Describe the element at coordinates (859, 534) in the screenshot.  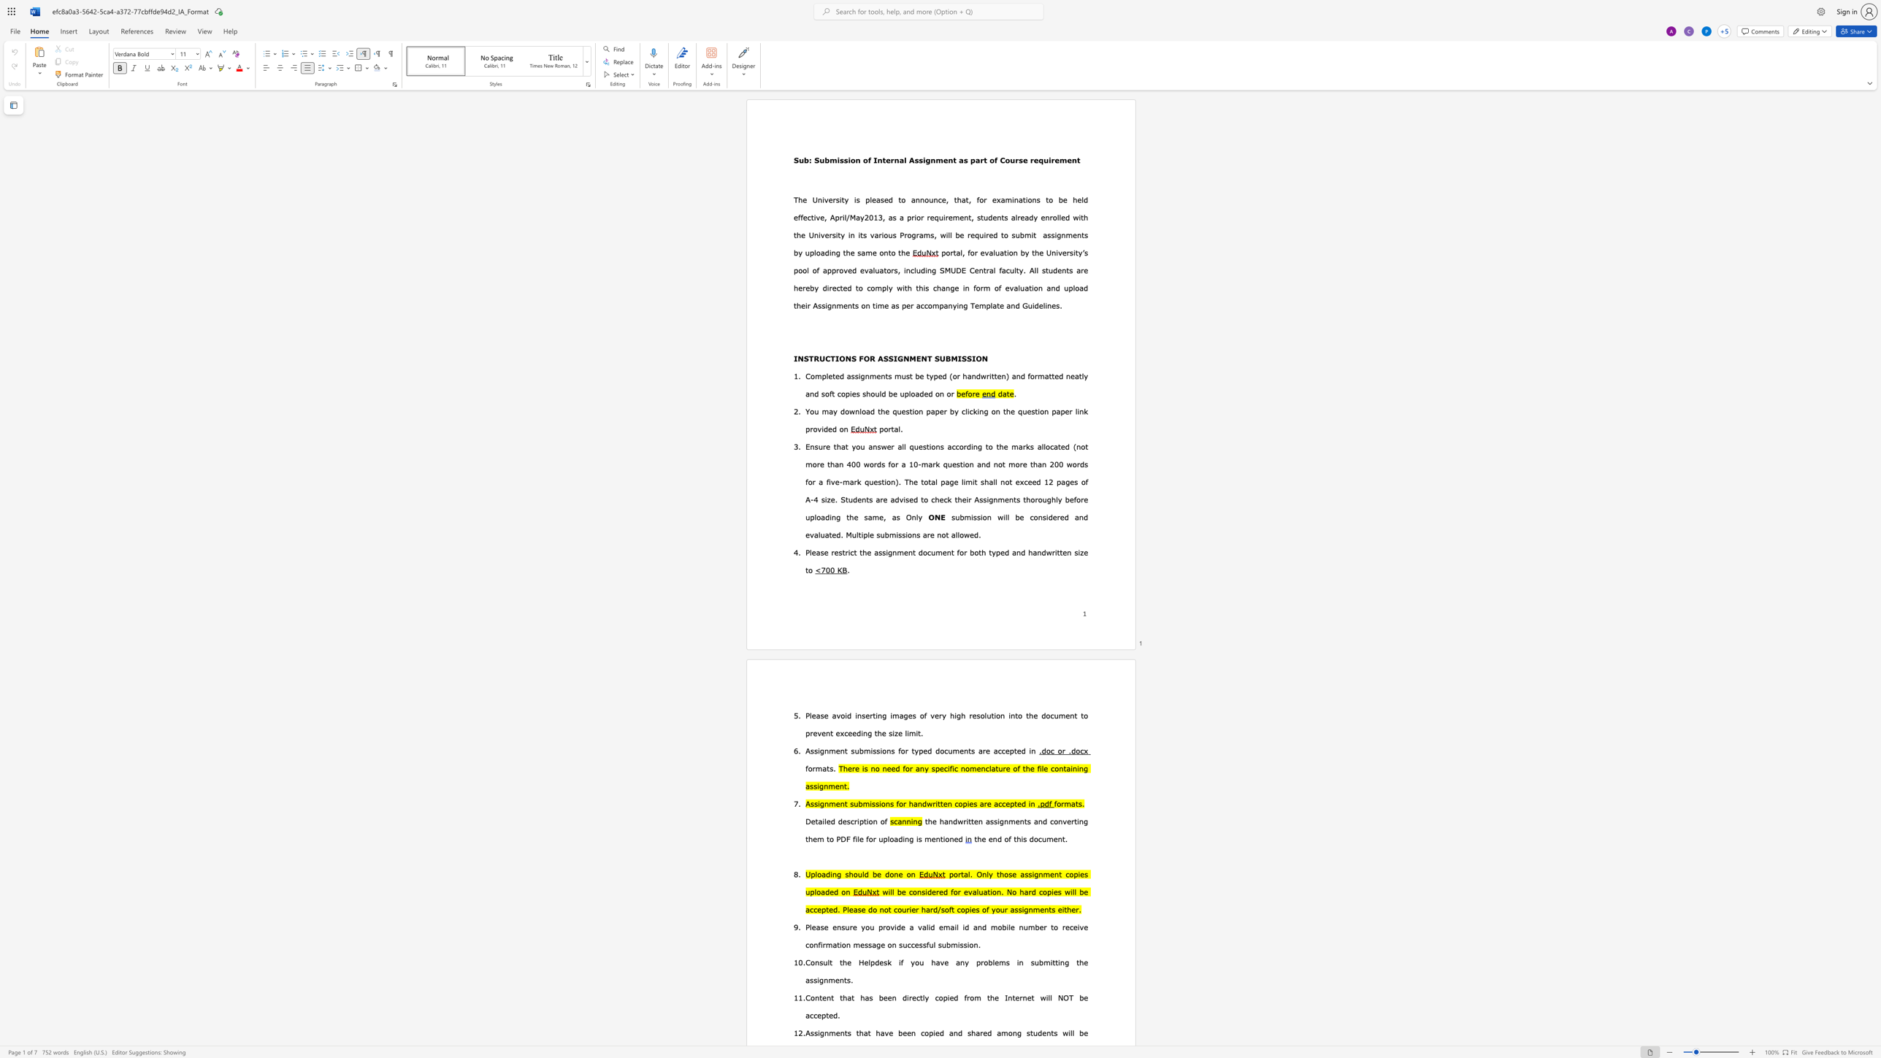
I see `the 1th character "t" in the text` at that location.